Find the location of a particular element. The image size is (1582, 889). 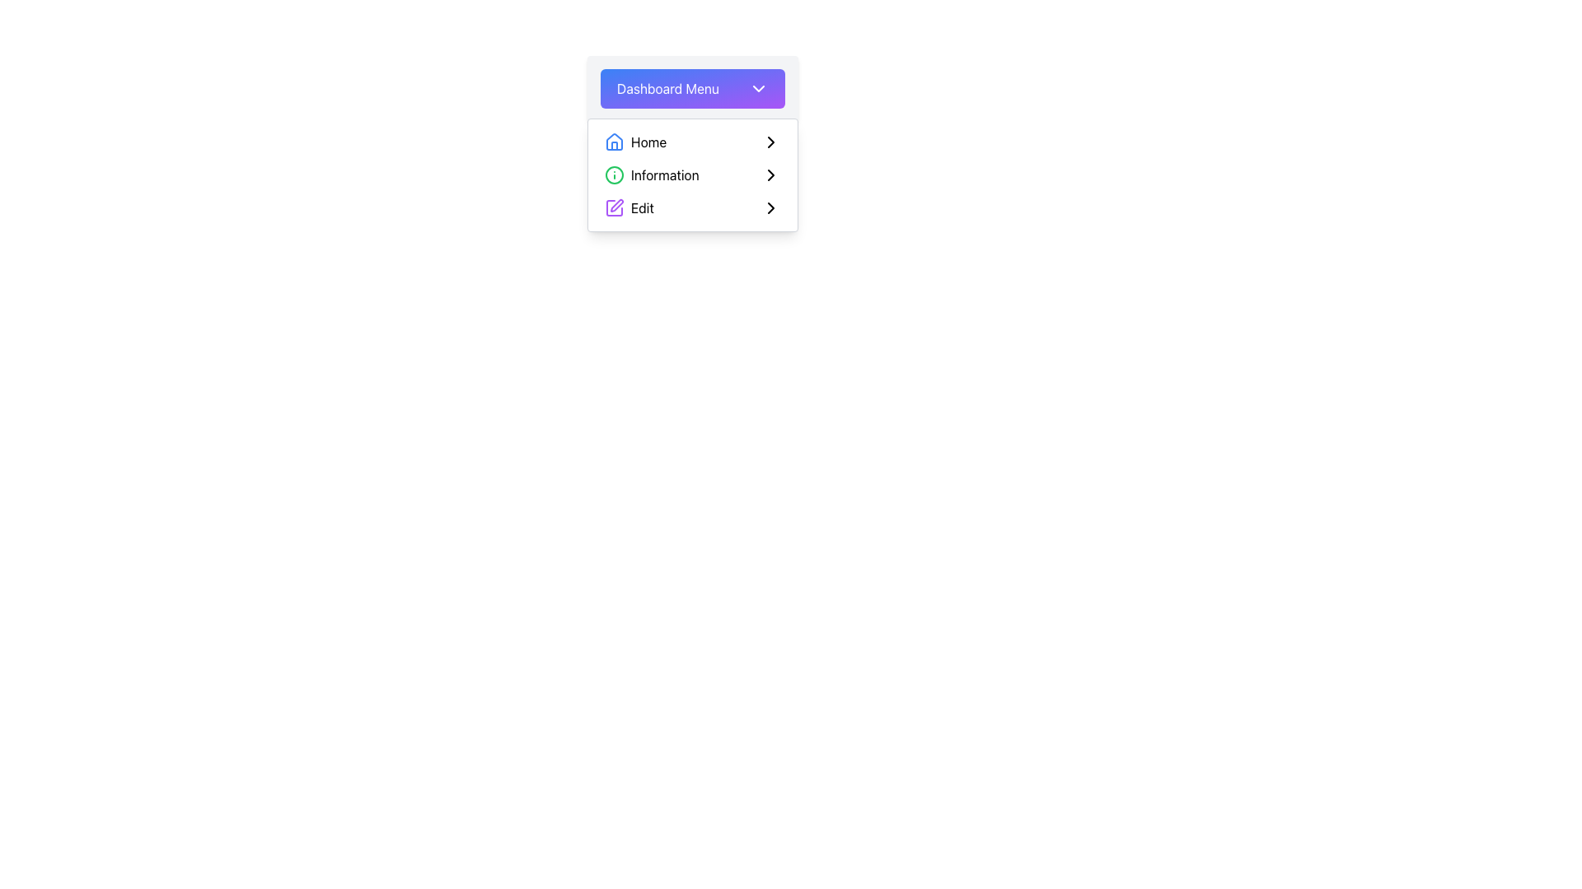

the menu item labeled 'Information', which is the second item in the vertical menu list is located at coordinates (692, 175).